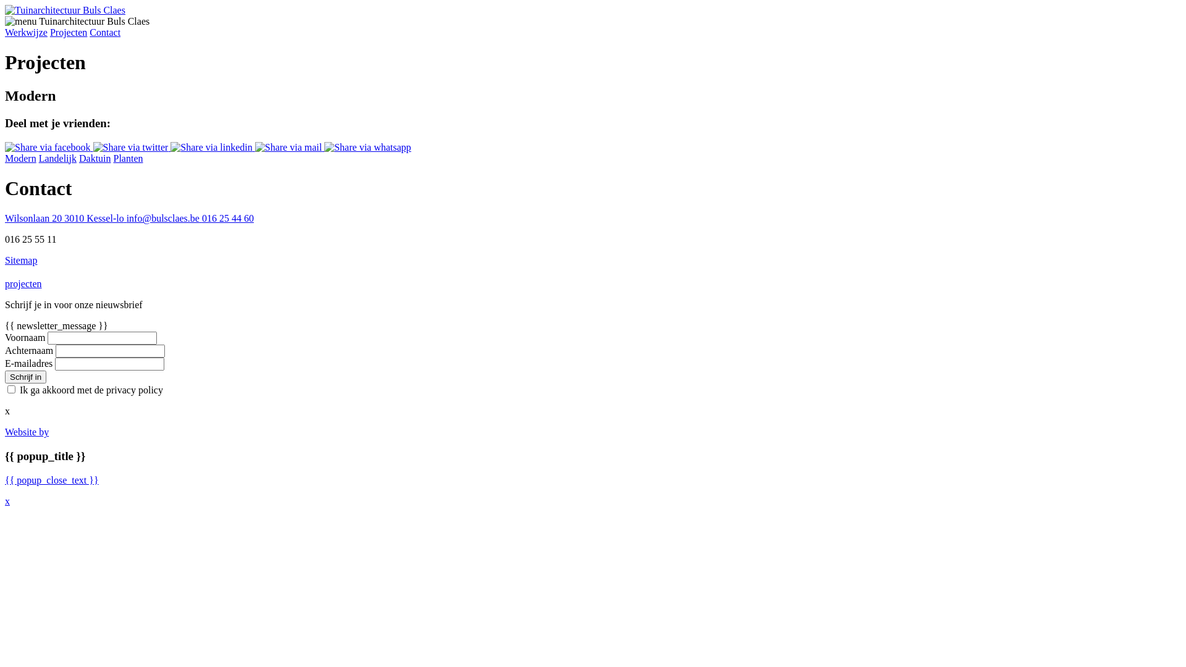  I want to click on 'Wilsonlaan 20 3010 Kessel-lo', so click(5, 217).